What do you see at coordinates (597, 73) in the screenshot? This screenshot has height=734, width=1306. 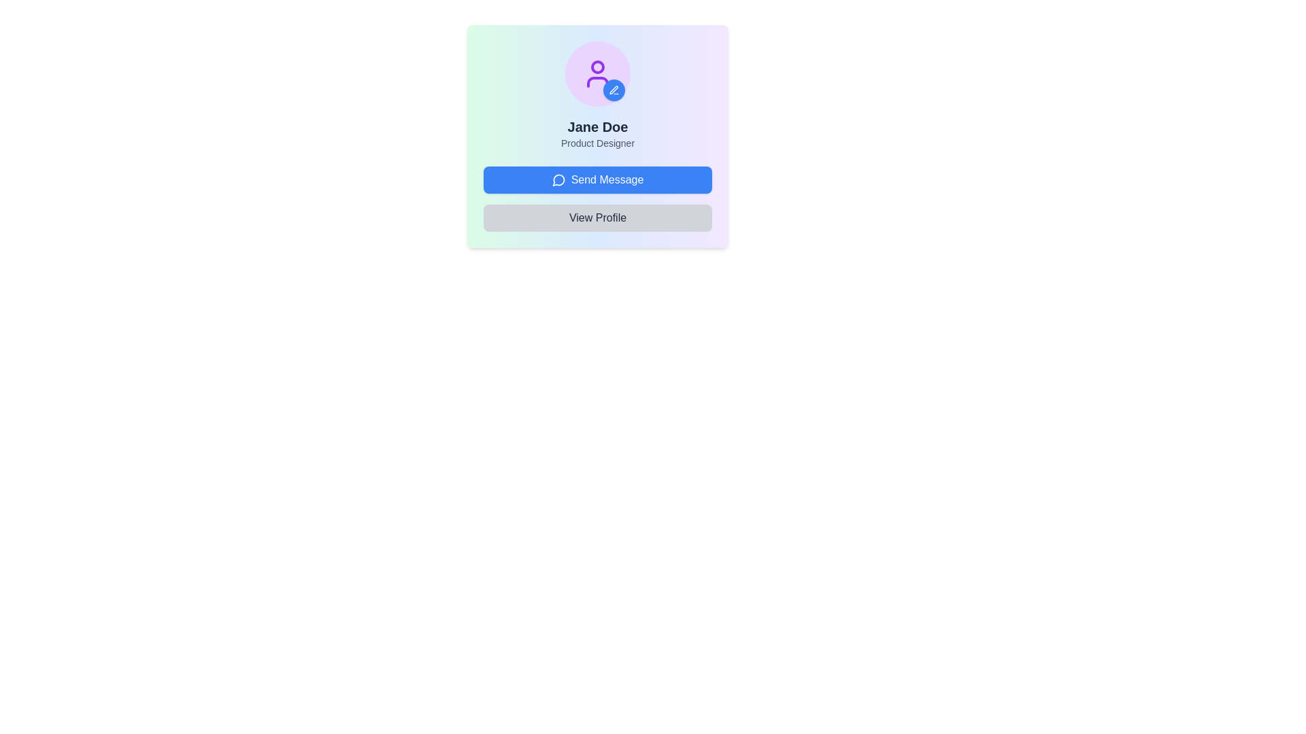 I see `the blue circular edit button located on the profile picture area to modify the profile picture` at bounding box center [597, 73].